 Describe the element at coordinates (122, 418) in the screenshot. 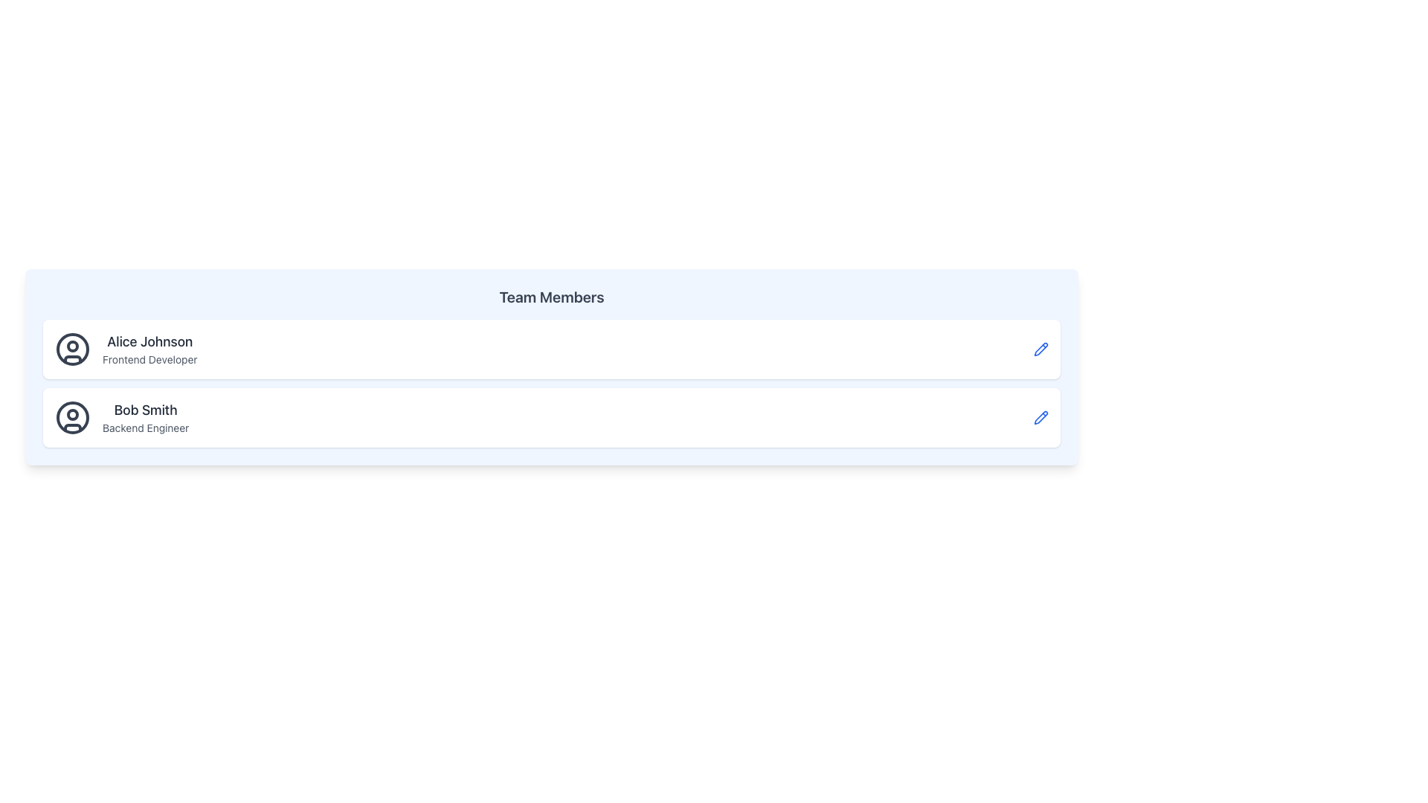

I see `the second List Item under the 'Team Members' section, which displays the name and job title of a specific team member, to interact with the entire component` at that location.